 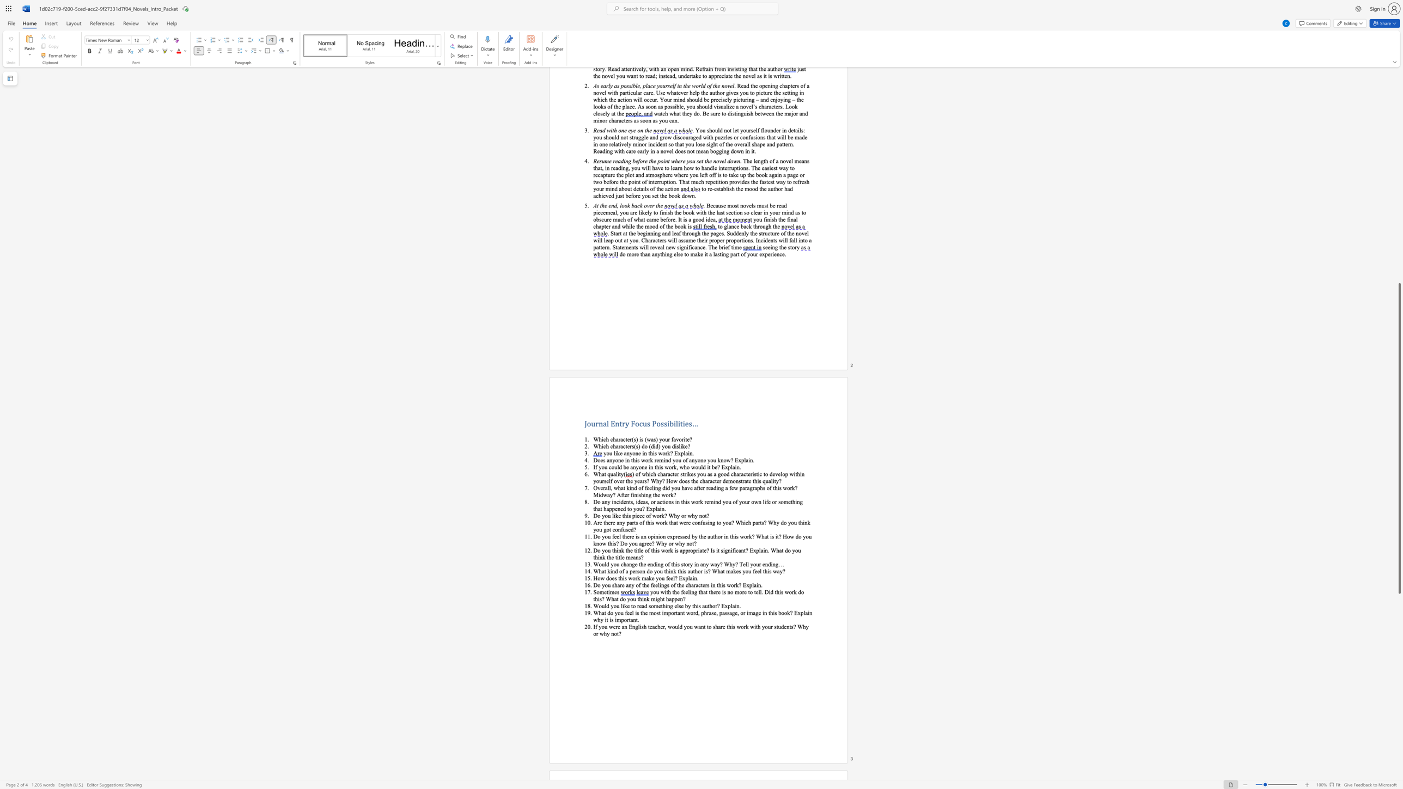 What do you see at coordinates (664, 467) in the screenshot?
I see `the subset text "work, who would it be? Expla" within the text "If you could be anyone in this work, who would it be? Explain."` at bounding box center [664, 467].